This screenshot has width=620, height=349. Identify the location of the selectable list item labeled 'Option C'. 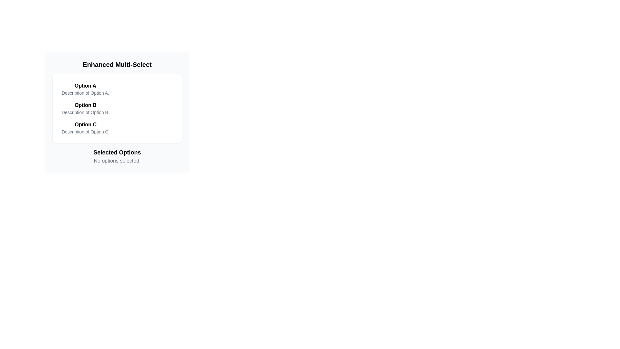
(117, 128).